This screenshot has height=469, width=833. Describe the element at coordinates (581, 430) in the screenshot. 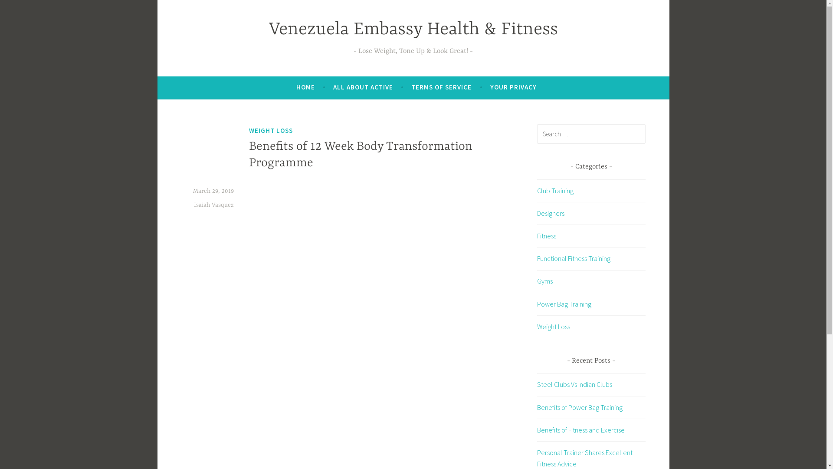

I see `'Benefits of Fitness and Exercise'` at that location.